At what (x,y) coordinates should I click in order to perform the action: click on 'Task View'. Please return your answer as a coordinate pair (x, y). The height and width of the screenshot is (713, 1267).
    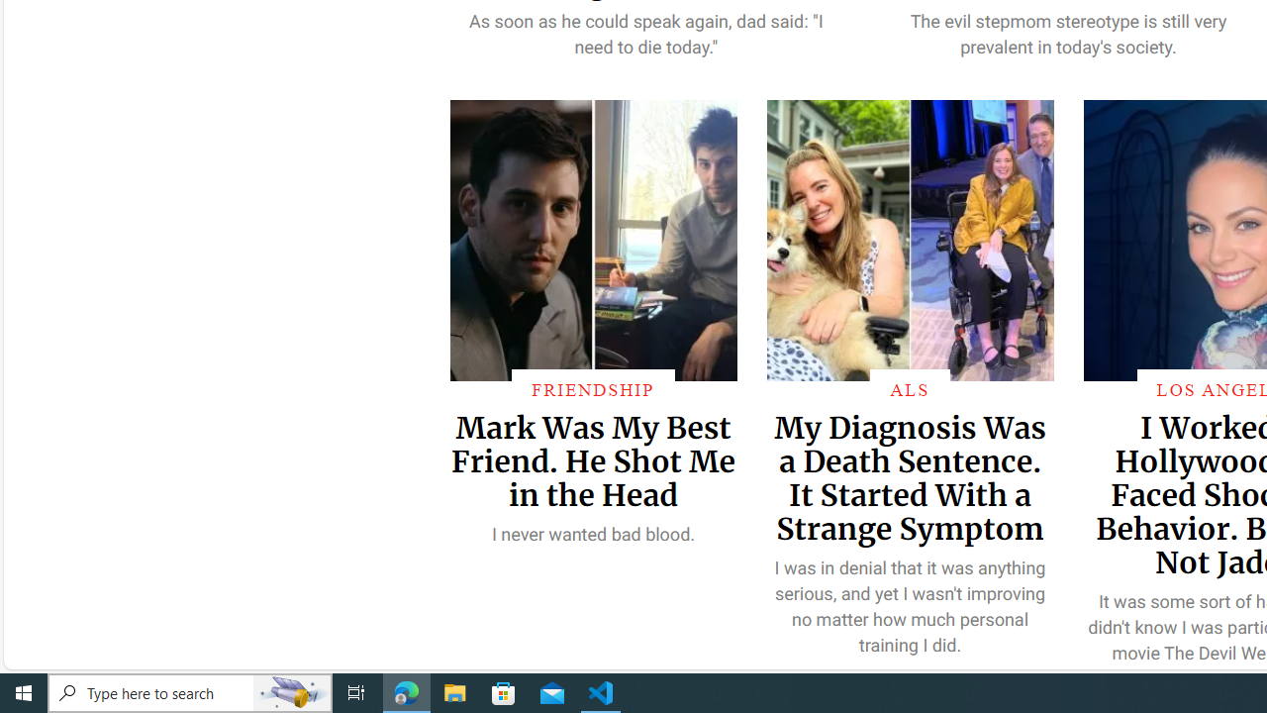
    Looking at the image, I should click on (355, 691).